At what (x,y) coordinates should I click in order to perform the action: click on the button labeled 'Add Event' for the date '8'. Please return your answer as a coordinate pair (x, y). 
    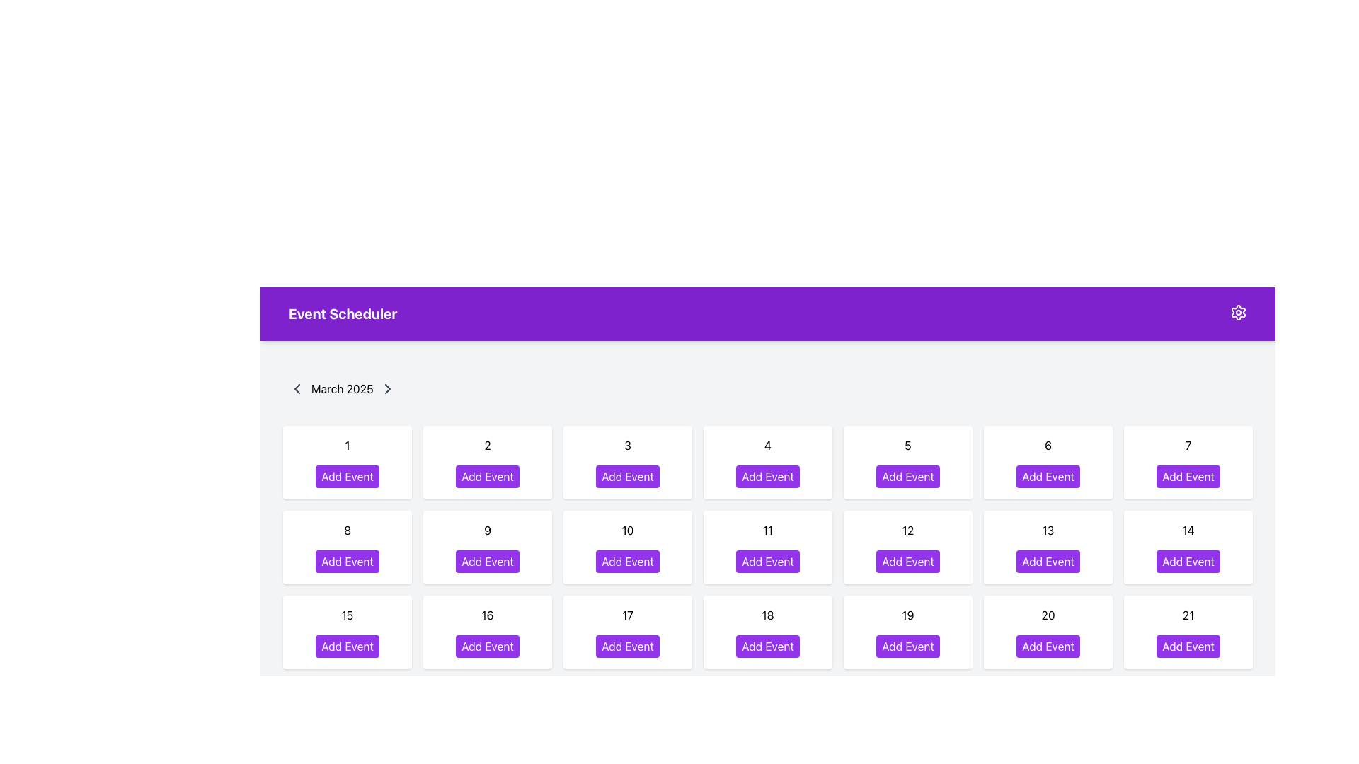
    Looking at the image, I should click on (347, 561).